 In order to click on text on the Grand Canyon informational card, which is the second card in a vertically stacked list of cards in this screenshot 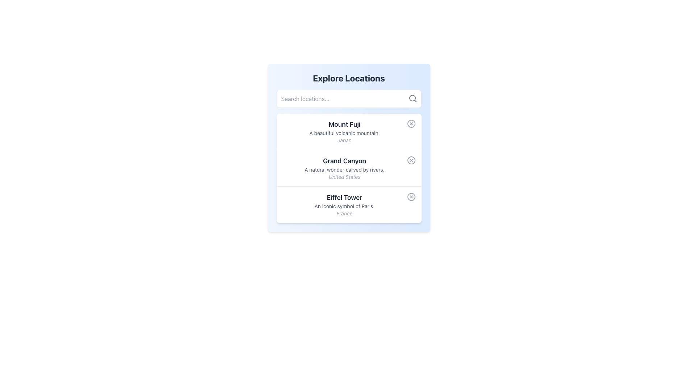, I will do `click(349, 168)`.